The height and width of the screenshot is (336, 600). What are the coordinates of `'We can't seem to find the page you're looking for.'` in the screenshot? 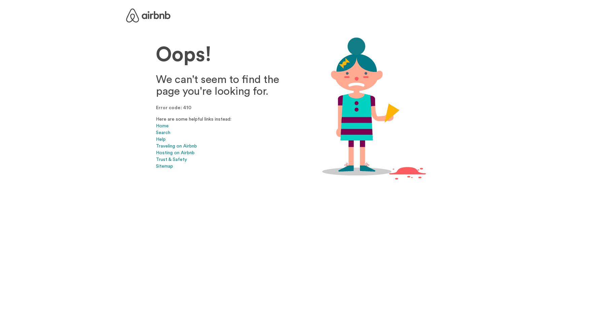 It's located at (155, 85).